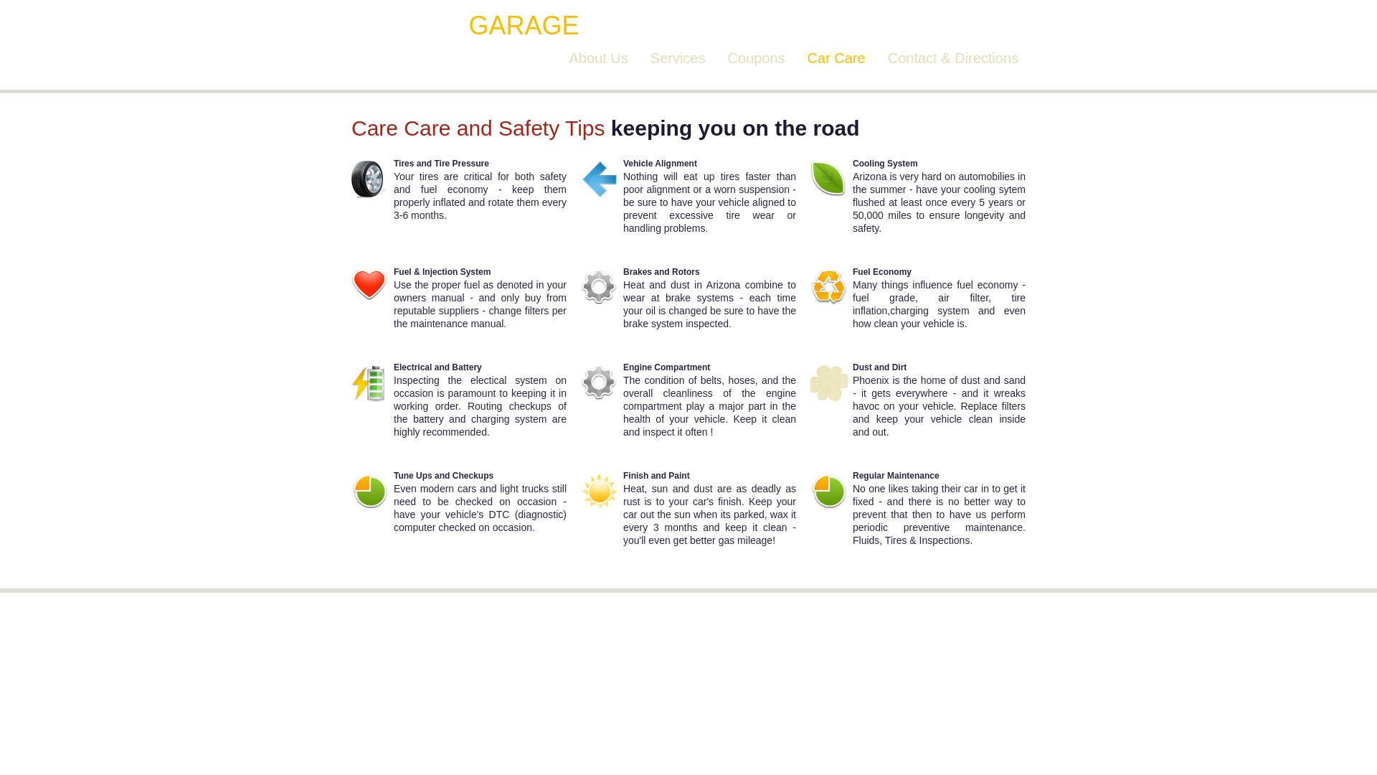 Image resolution: width=1377 pixels, height=775 pixels. What do you see at coordinates (755, 57) in the screenshot?
I see `'Coupons'` at bounding box center [755, 57].